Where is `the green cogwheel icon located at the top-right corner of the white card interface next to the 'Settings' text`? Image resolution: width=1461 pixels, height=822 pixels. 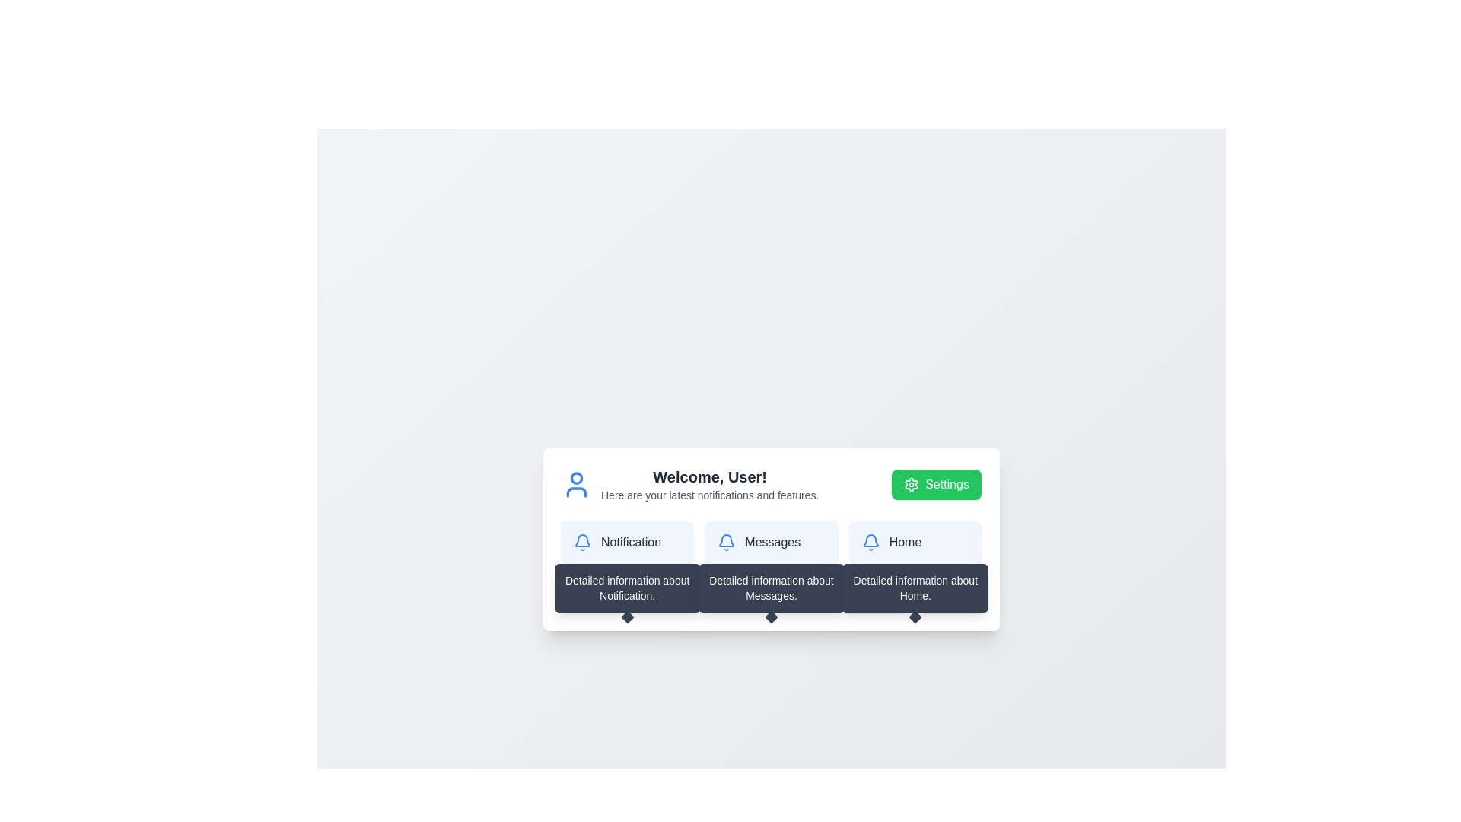
the green cogwheel icon located at the top-right corner of the white card interface next to the 'Settings' text is located at coordinates (912, 484).